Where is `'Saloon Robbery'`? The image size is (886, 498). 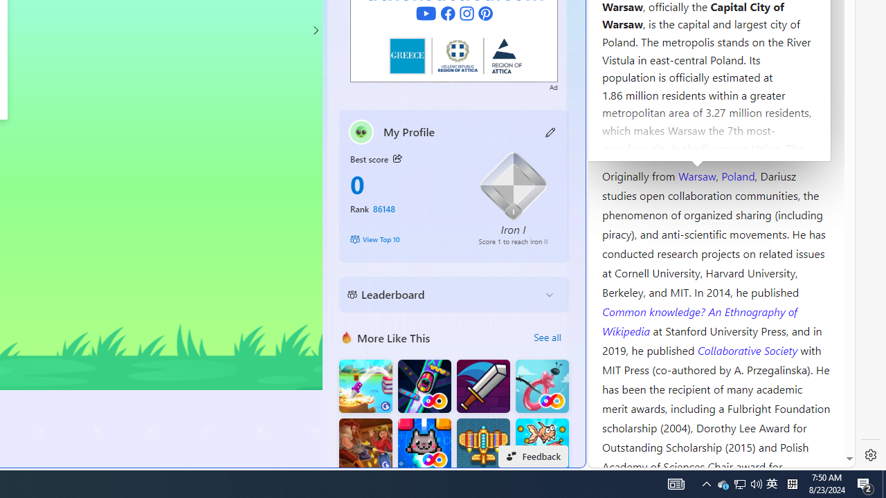
'Saloon Robbery' is located at coordinates (365, 445).